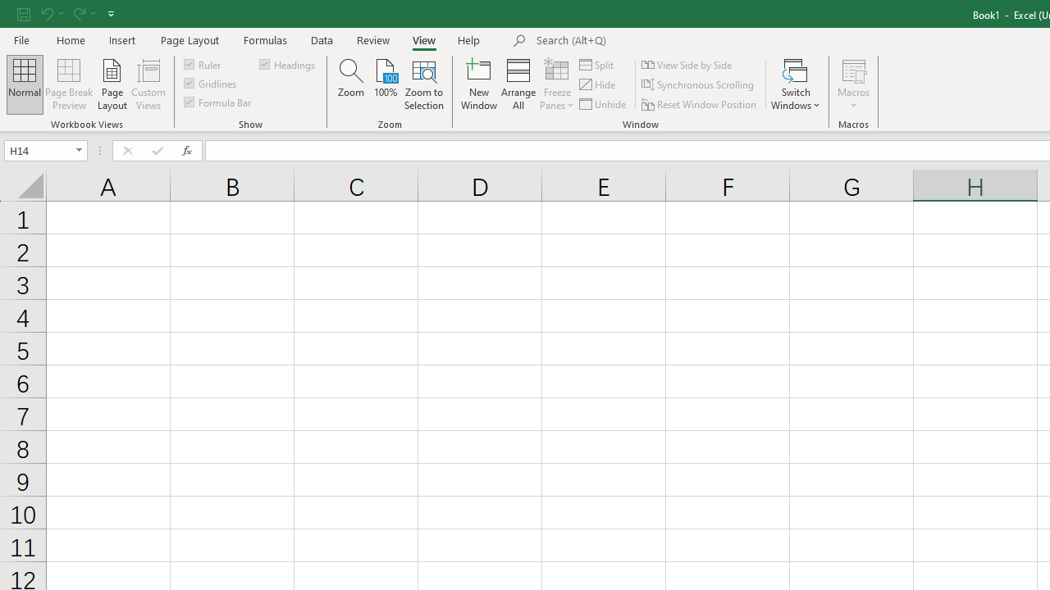 This screenshot has width=1050, height=590. Describe the element at coordinates (596, 64) in the screenshot. I see `'Split'` at that location.